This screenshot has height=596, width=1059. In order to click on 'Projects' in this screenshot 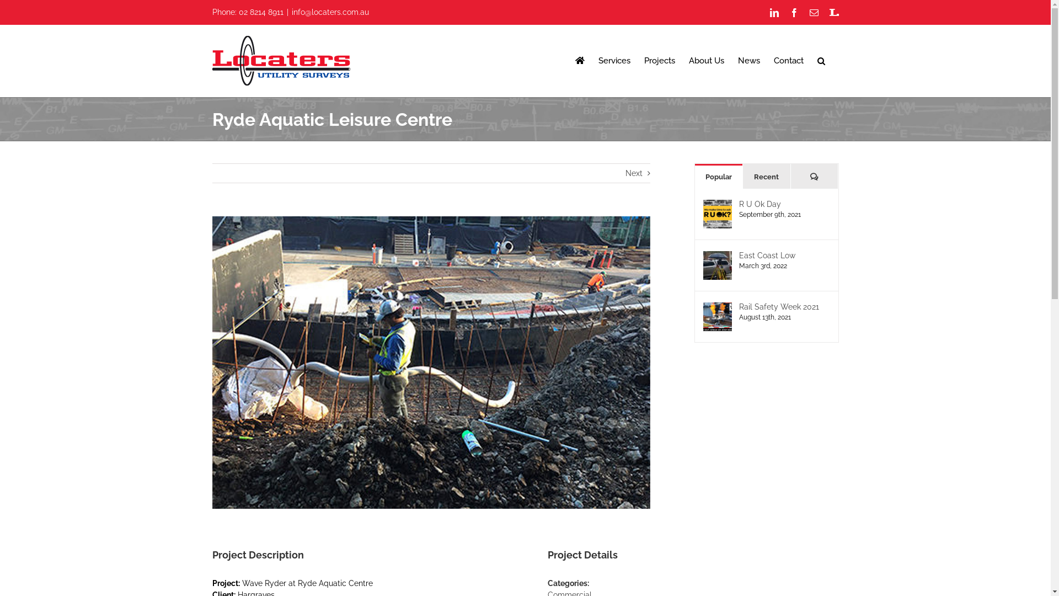, I will do `click(659, 61)`.